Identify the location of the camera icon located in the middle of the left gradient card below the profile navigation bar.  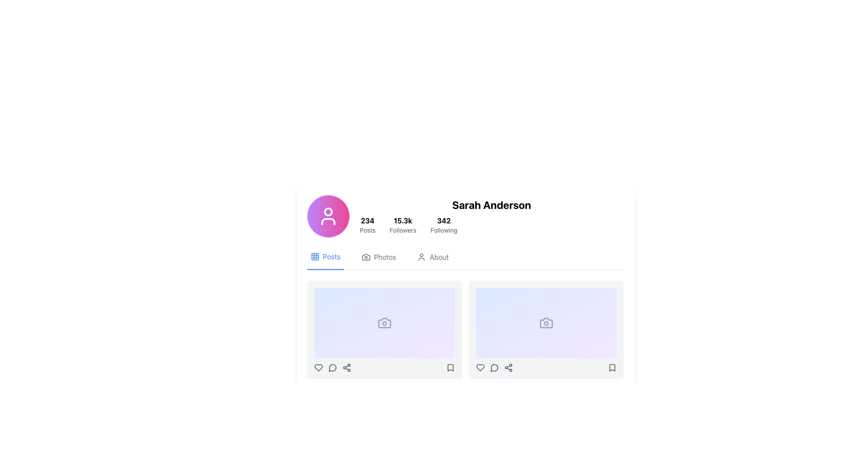
(384, 323).